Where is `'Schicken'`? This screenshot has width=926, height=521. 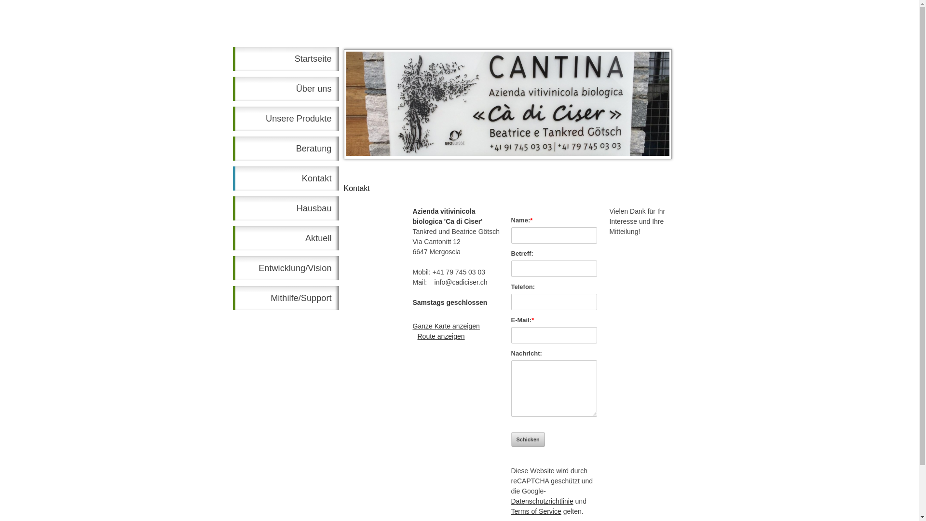 'Schicken' is located at coordinates (527, 439).